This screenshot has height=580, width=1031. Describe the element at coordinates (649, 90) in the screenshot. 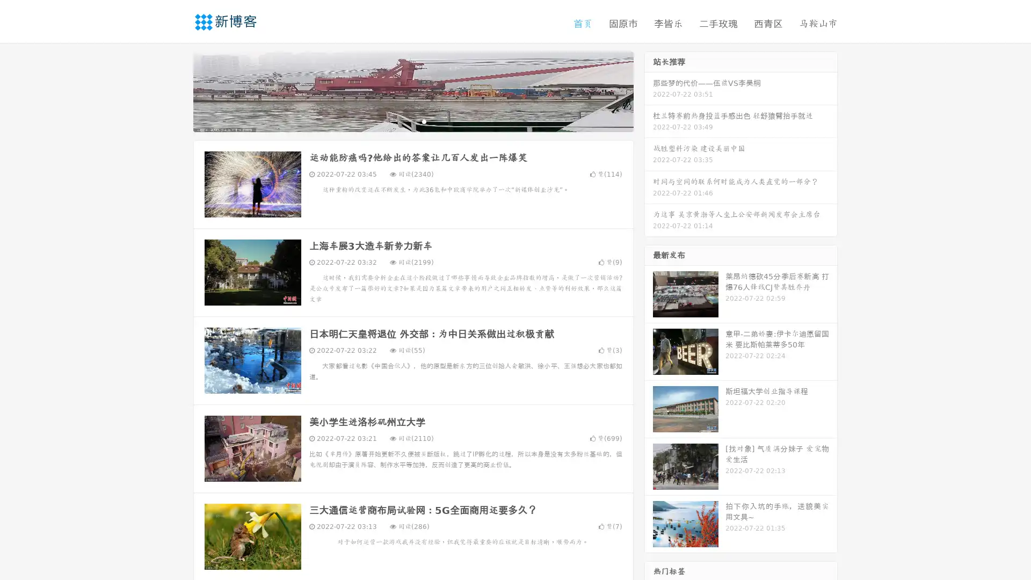

I see `Next slide` at that location.